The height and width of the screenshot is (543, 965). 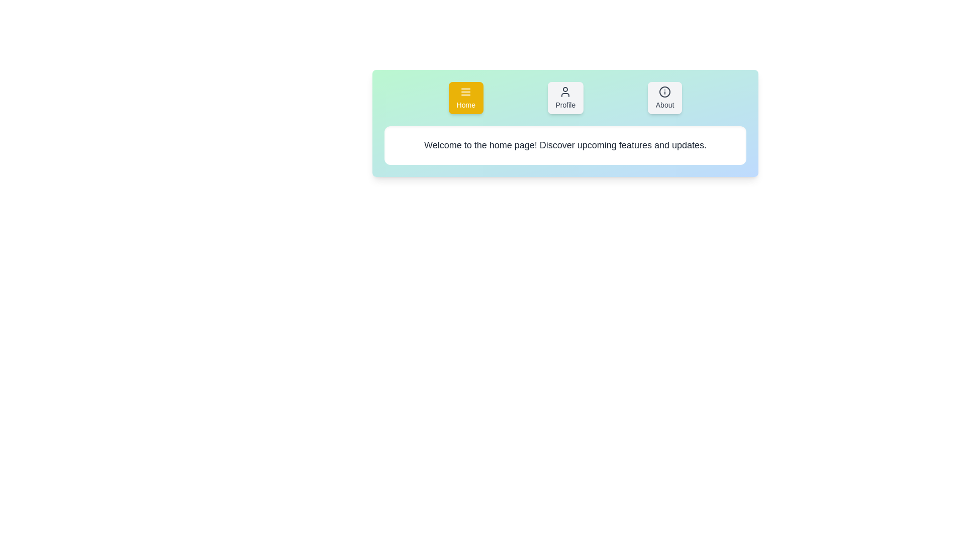 I want to click on the Profile tab by clicking its corresponding button, so click(x=565, y=98).